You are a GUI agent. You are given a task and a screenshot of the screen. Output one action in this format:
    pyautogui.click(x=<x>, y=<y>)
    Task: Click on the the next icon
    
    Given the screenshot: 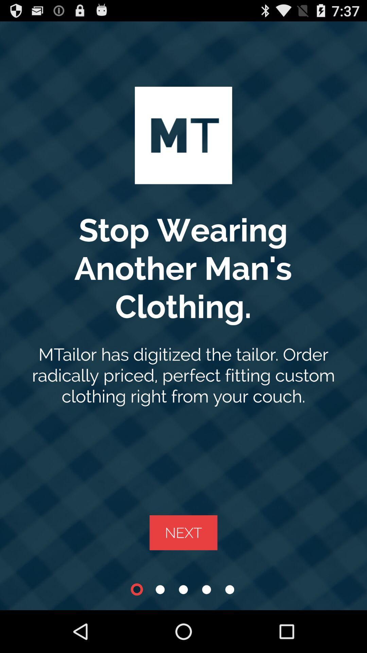 What is the action you would take?
    pyautogui.click(x=183, y=532)
    